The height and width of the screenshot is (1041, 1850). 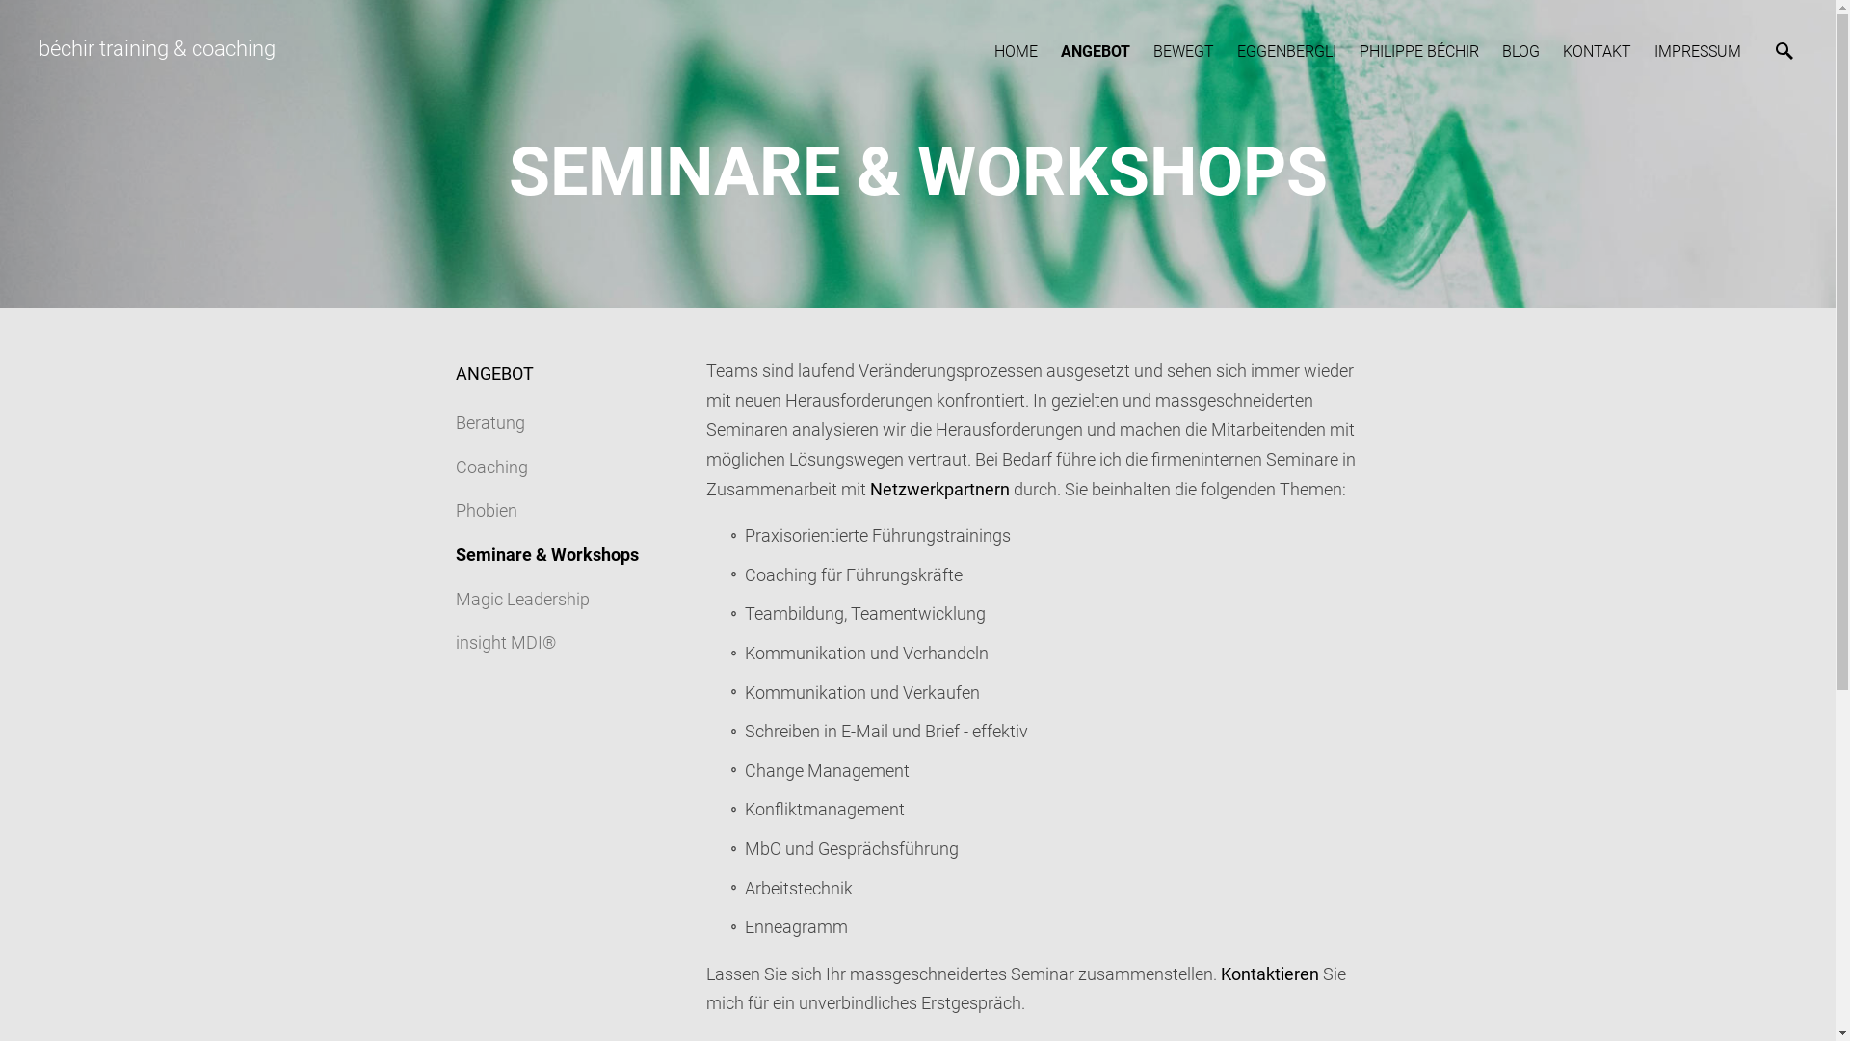 What do you see at coordinates (1520, 50) in the screenshot?
I see `'BLOG'` at bounding box center [1520, 50].